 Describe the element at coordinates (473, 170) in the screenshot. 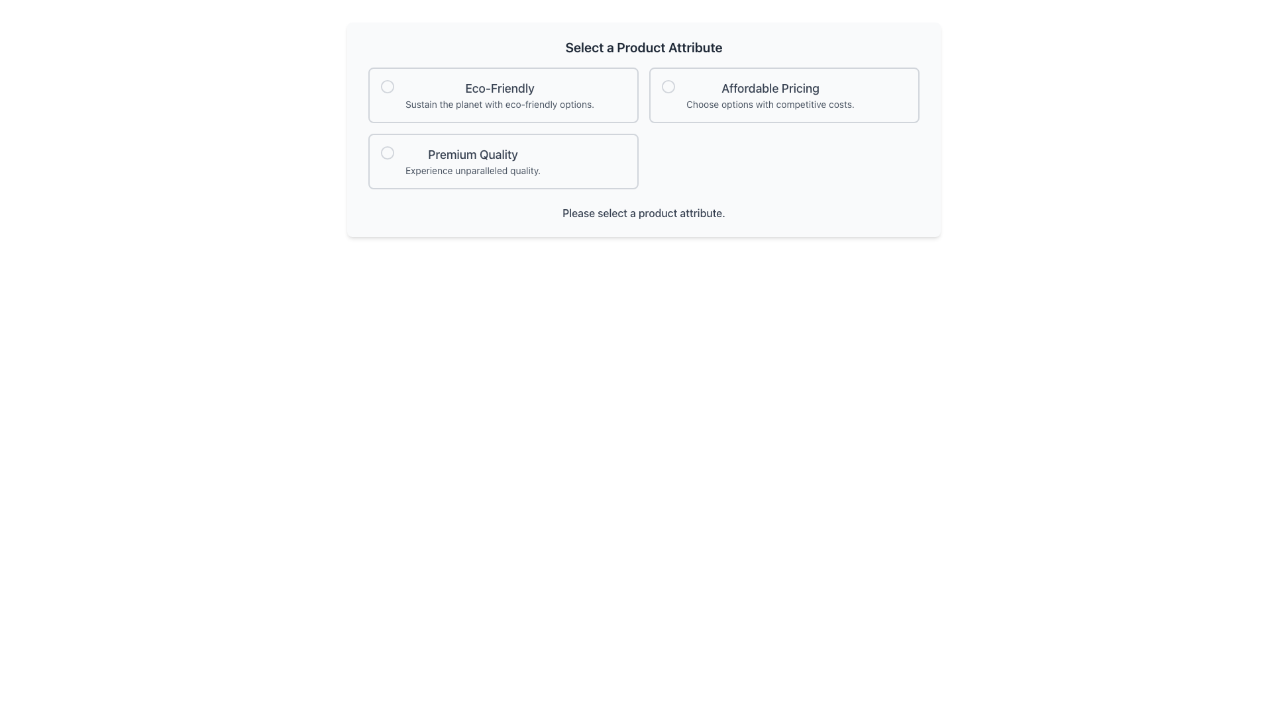

I see `the text label reading 'Experience unparalleled quality.' which is styled with a small font size and gray color, located beneath the 'Premium Quality' heading in the selection card` at that location.